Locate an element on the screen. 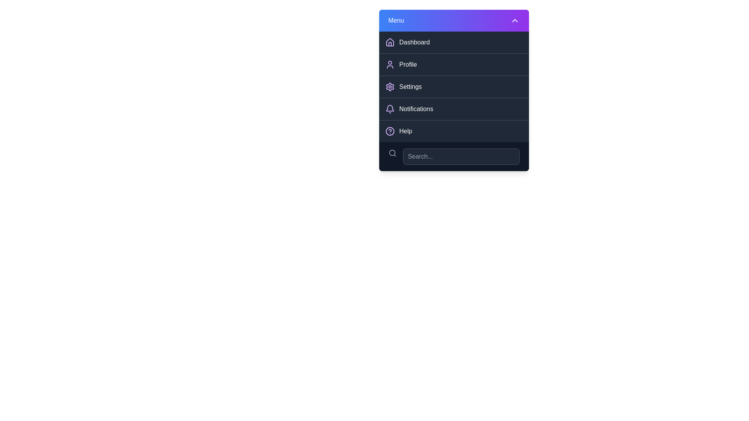 This screenshot has width=749, height=421. the fourth item in the vertically stacked menu list, located between 'Settings' and 'Help', for accessibility navigation is located at coordinates (454, 109).